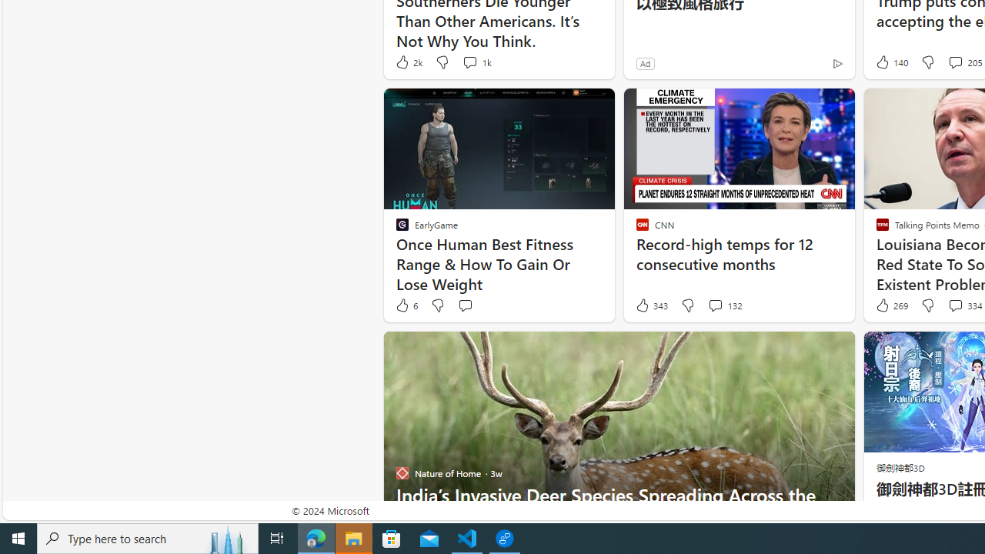  I want to click on 'View comments 1k Comment', so click(469, 62).